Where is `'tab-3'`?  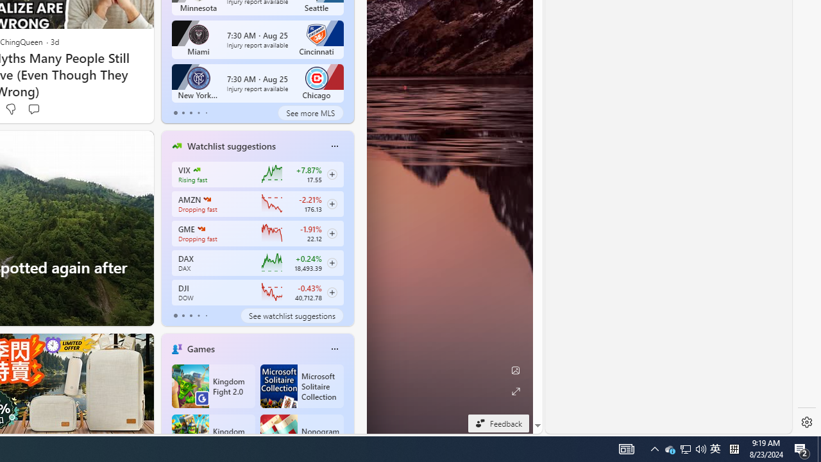
'tab-3' is located at coordinates (198, 316).